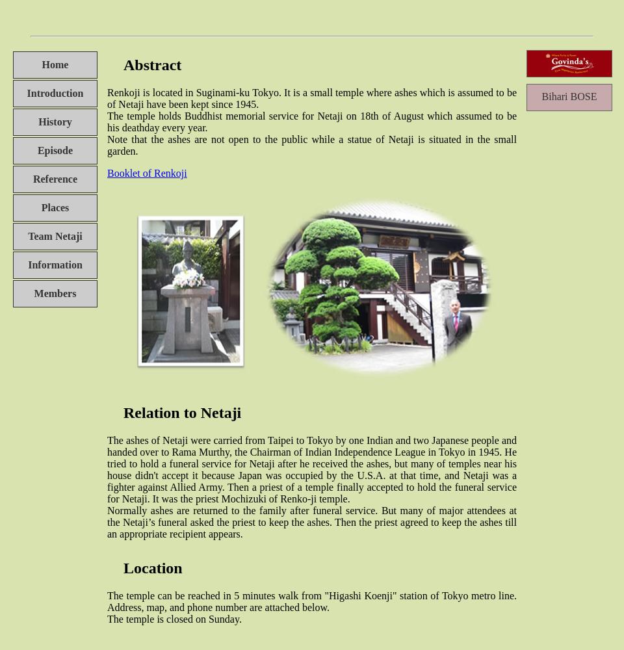 This screenshot has width=624, height=650. Describe the element at coordinates (55, 292) in the screenshot. I see `'Members'` at that location.